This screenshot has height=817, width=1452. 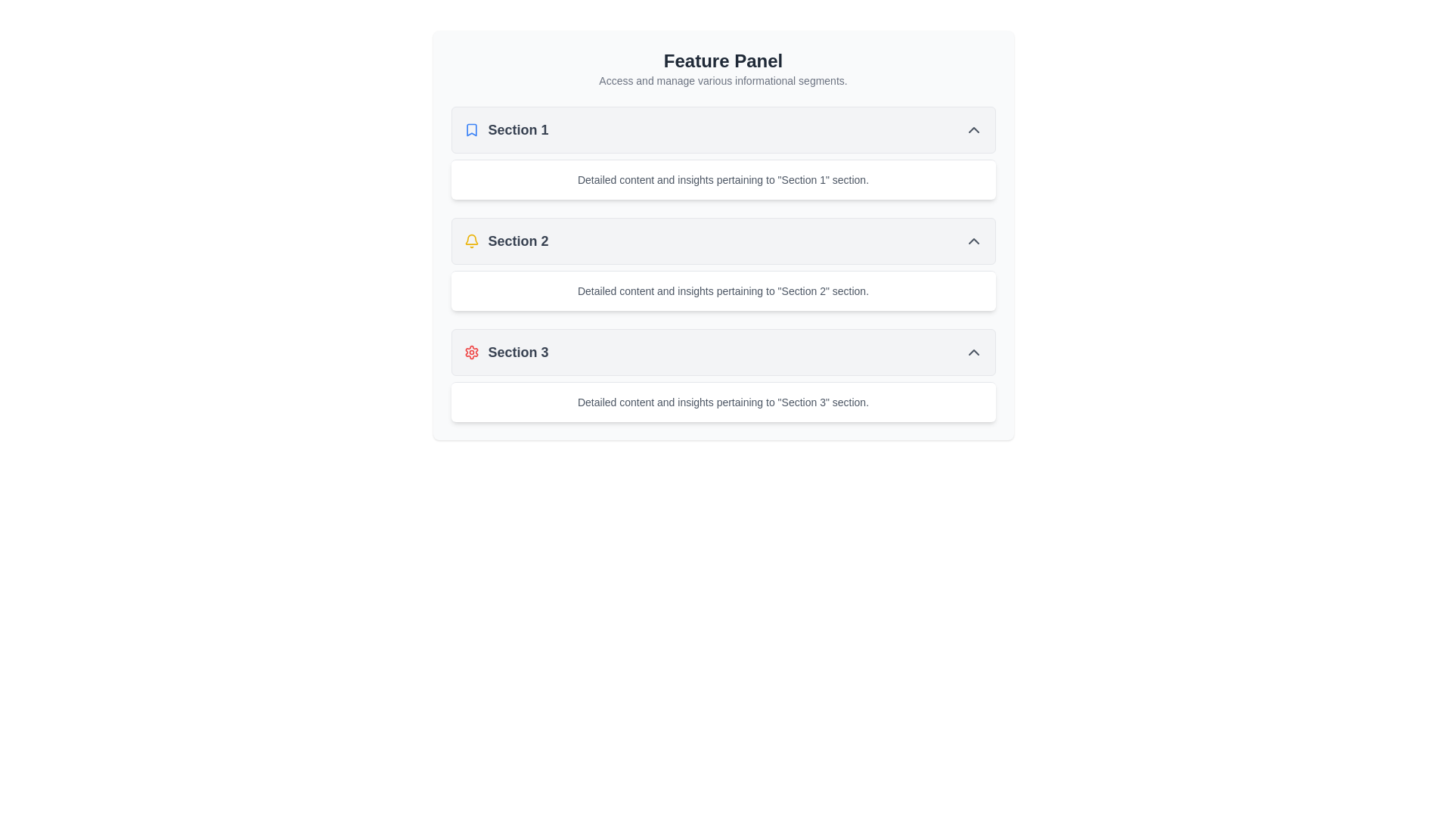 What do you see at coordinates (506, 241) in the screenshot?
I see `the text label with an icon that serves as the header for the 'Section 2' area` at bounding box center [506, 241].